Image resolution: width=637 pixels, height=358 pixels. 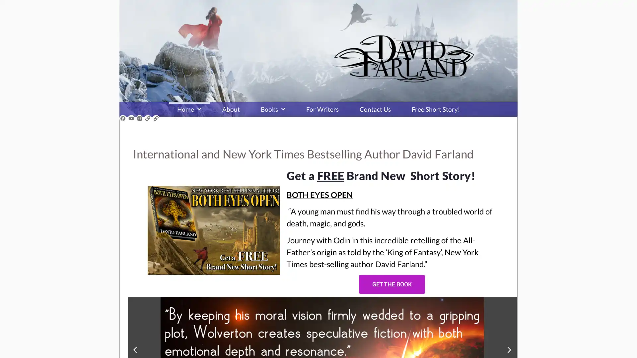 I want to click on GET THE BOOK, so click(x=391, y=284).